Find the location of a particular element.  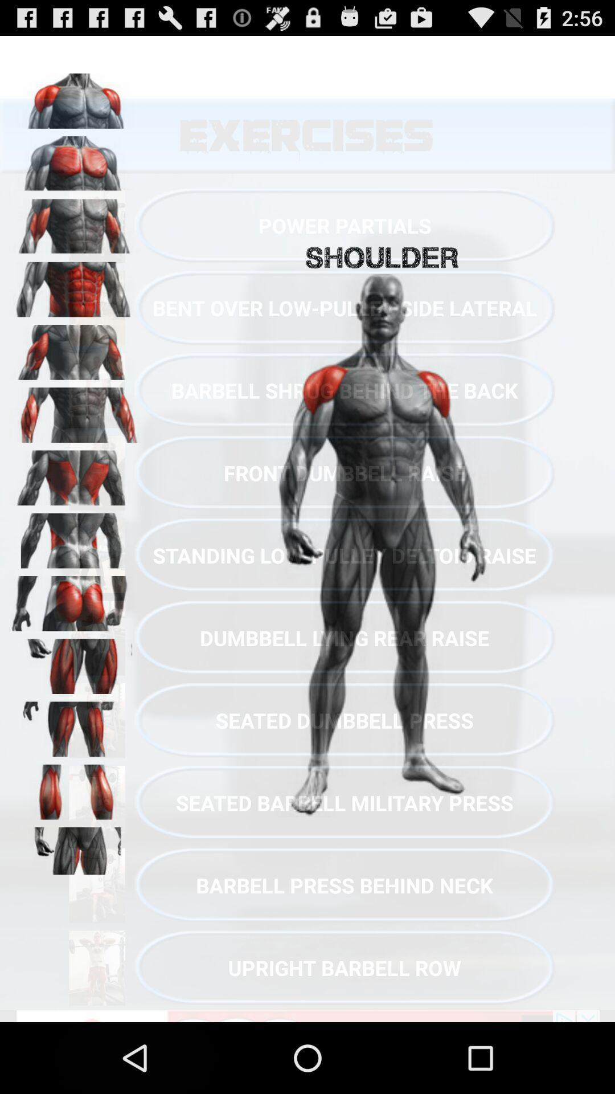

choose to exercise this part of your leg is located at coordinates (75, 787).